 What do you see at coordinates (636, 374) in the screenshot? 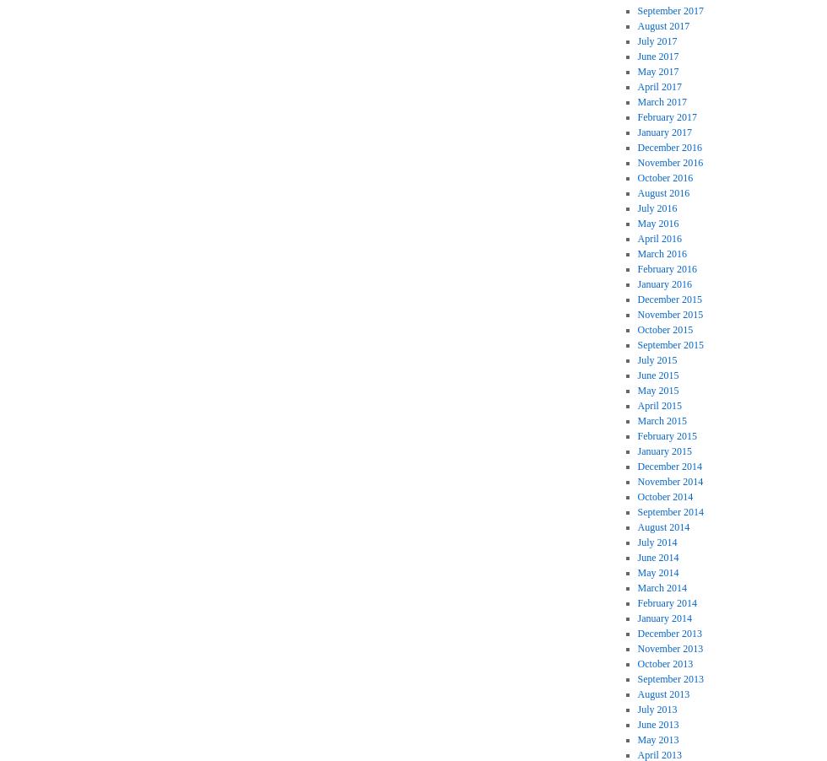
I see `'June 2015'` at bounding box center [636, 374].